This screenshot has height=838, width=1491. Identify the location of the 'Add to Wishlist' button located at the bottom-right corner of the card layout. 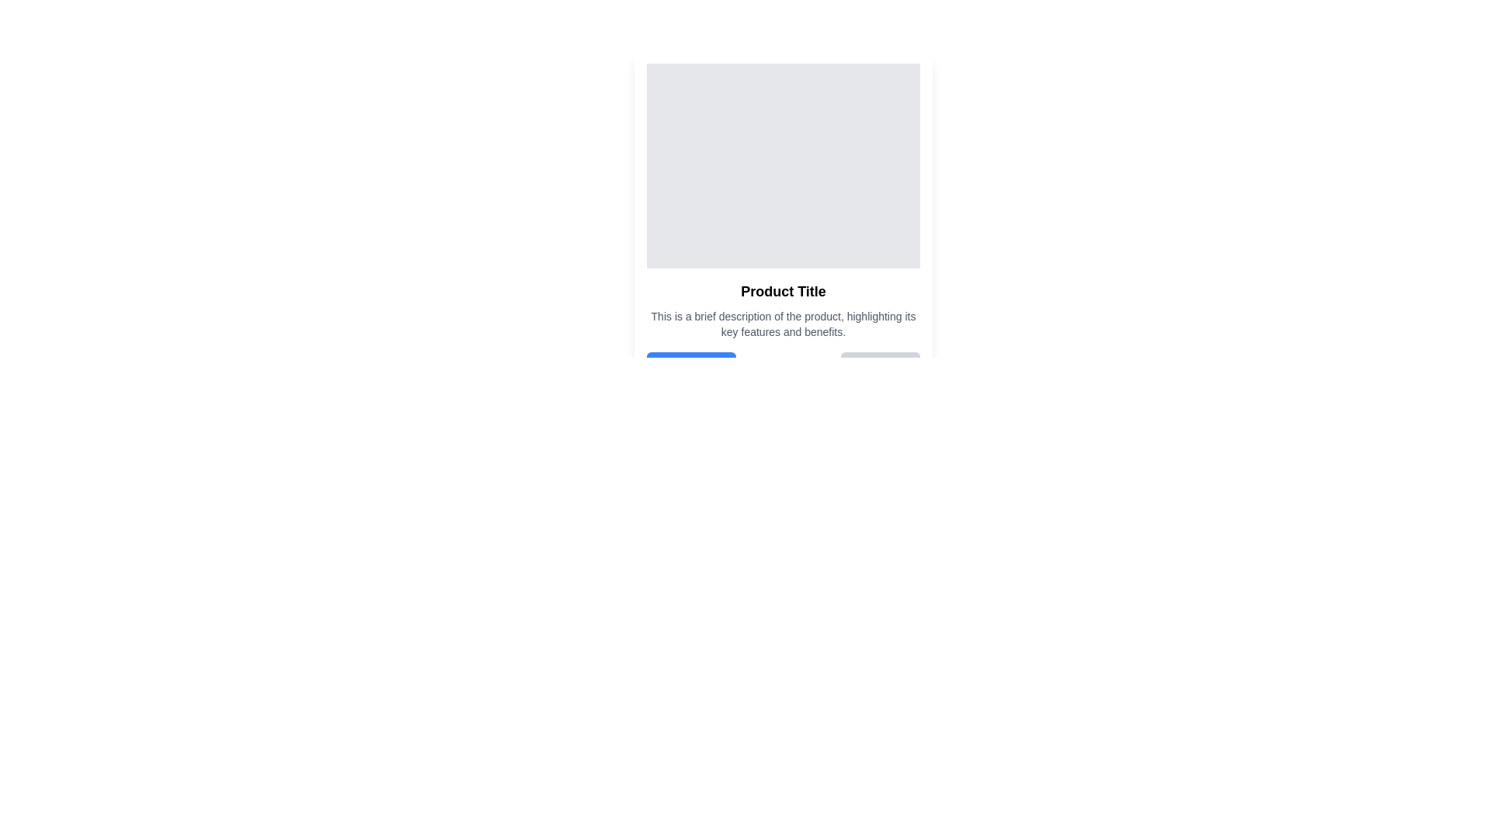
(881, 365).